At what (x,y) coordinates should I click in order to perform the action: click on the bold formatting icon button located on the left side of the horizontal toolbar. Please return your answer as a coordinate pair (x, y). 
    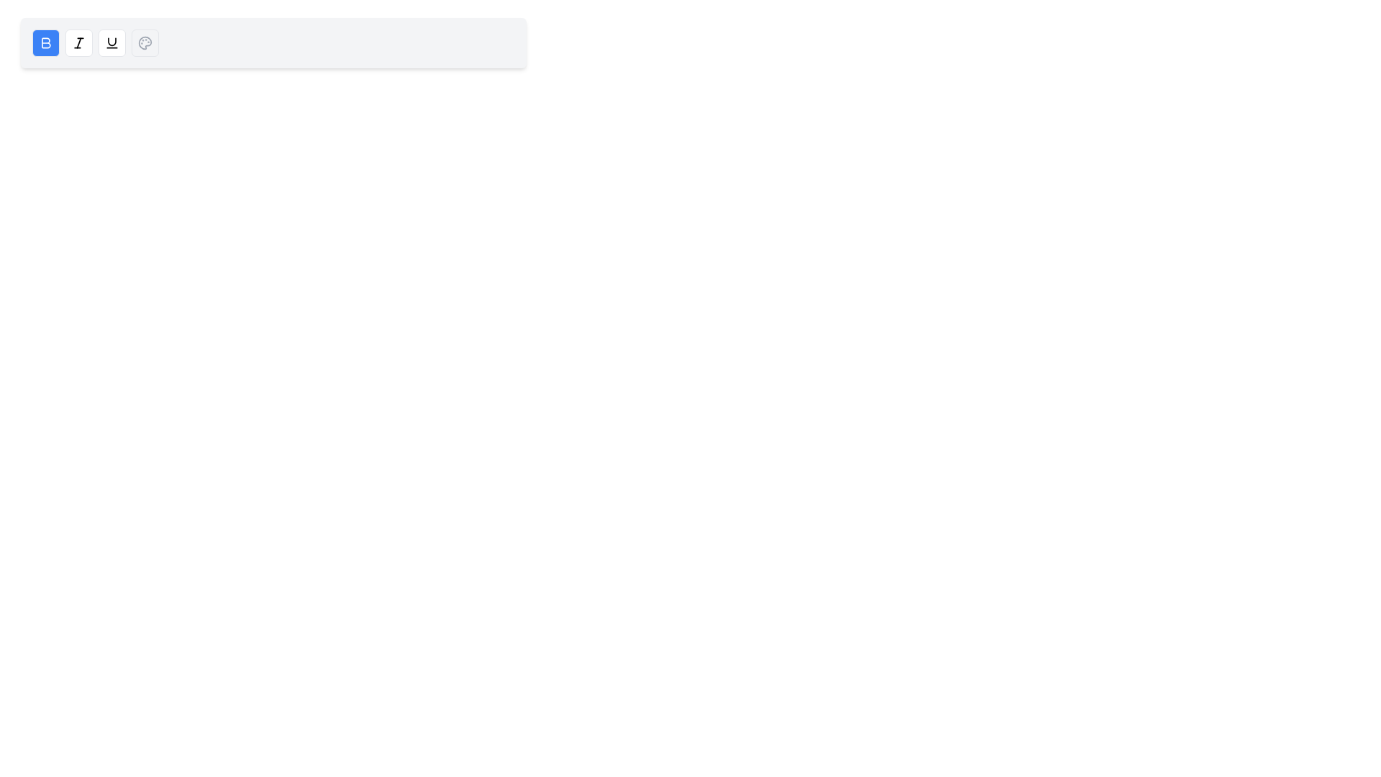
    Looking at the image, I should click on (45, 42).